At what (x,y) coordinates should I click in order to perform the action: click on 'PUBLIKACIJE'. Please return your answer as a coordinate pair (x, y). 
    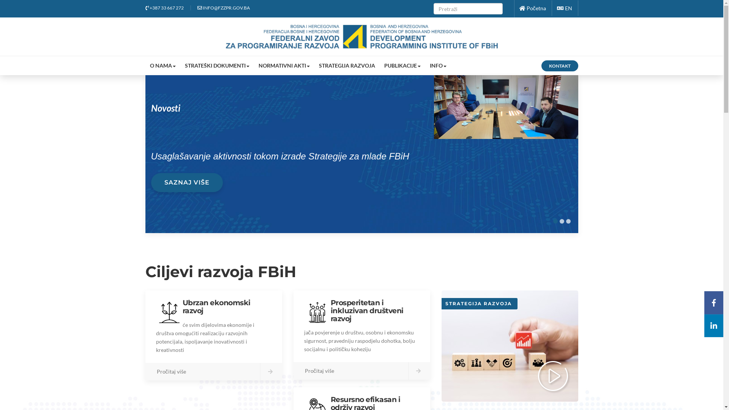
    Looking at the image, I should click on (402, 65).